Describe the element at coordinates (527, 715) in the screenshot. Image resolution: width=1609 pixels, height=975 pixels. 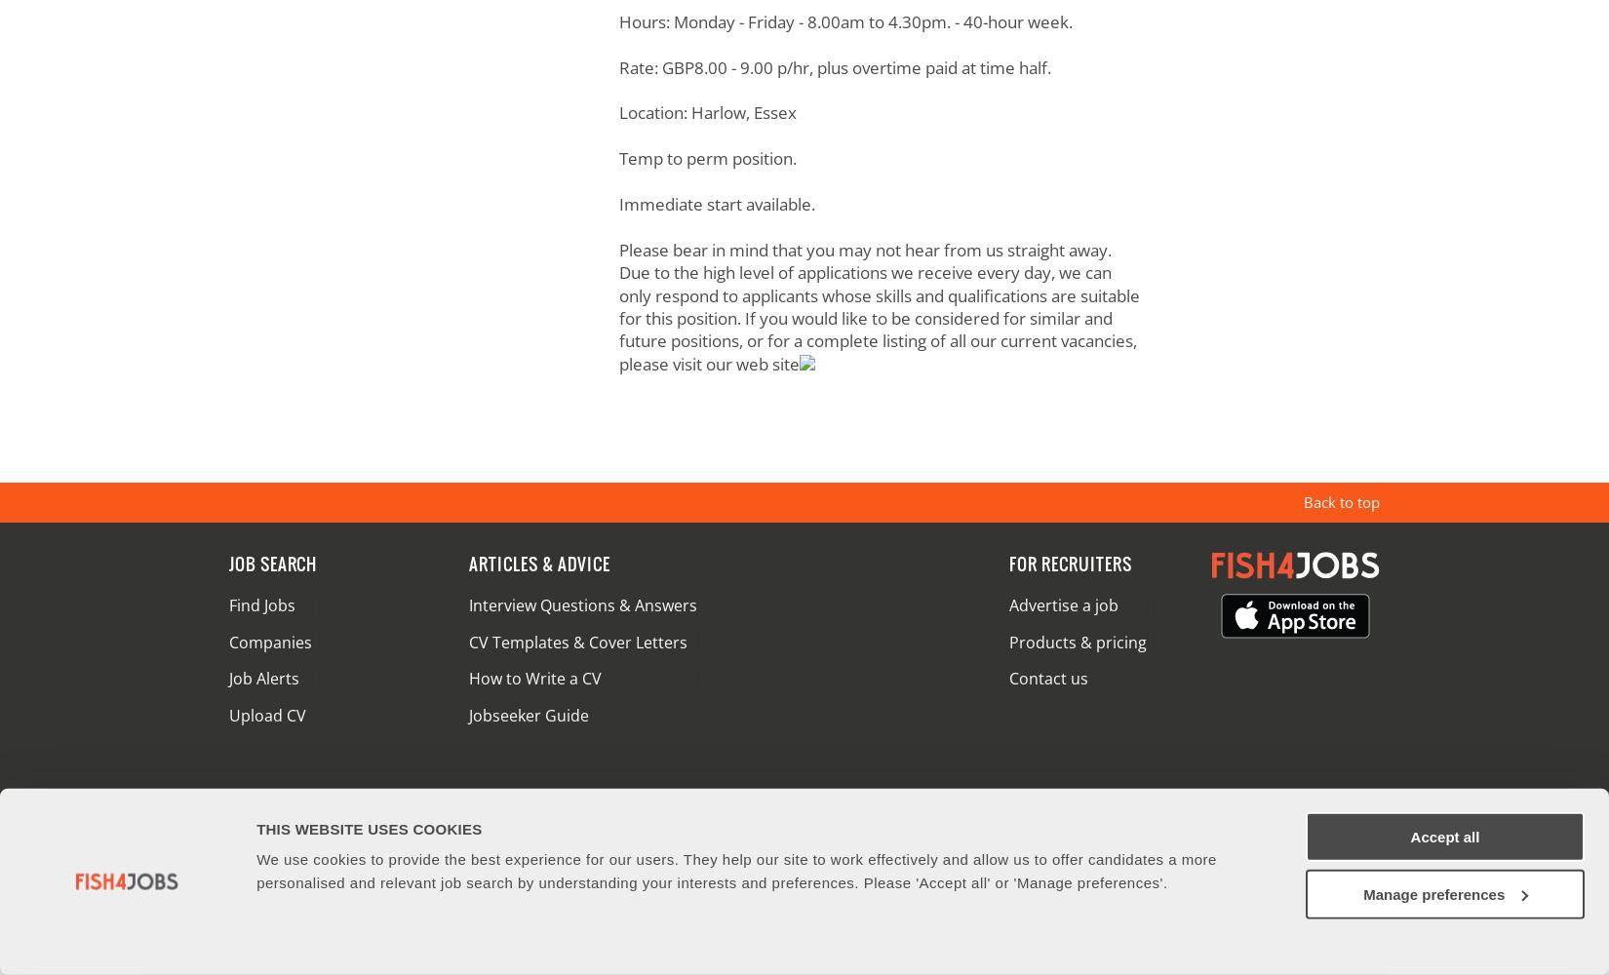
I see `'Jobseeker Guide'` at that location.